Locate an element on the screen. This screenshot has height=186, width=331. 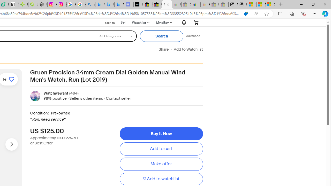
'Sell' is located at coordinates (123, 22).